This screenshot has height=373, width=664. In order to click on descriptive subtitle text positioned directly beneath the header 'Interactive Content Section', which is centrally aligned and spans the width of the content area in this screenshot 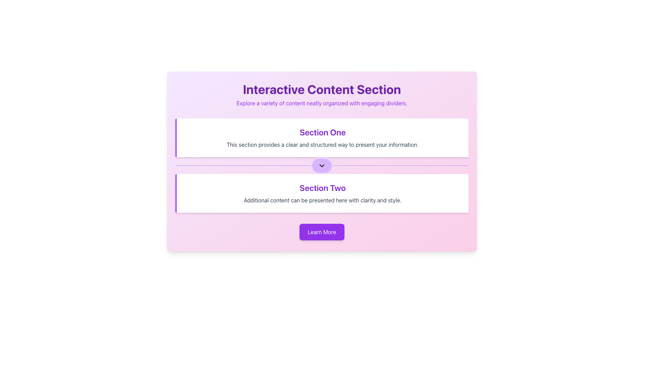, I will do `click(322, 103)`.